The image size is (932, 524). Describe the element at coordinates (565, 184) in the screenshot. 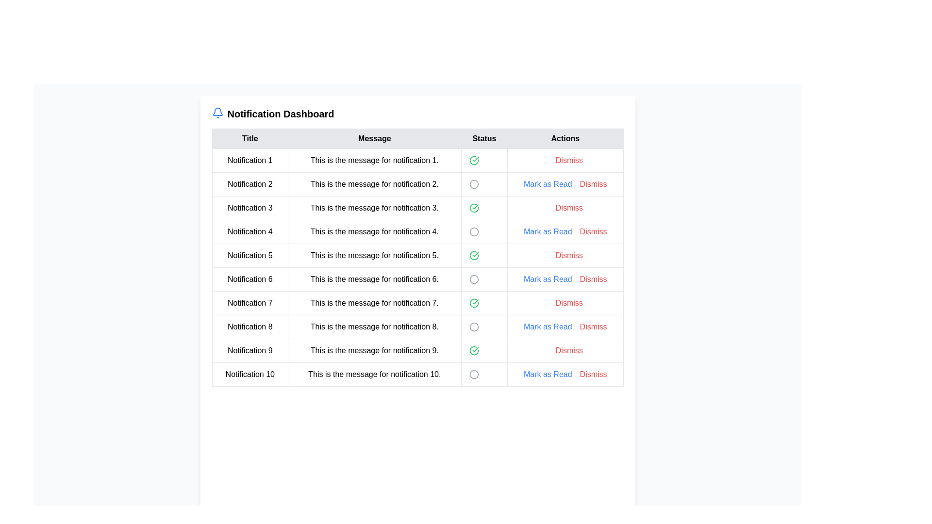

I see `the 'Mark as Read' text button located in the 'Actions' column for the row labeled 'Notification 2' in the notification dashboard table to mark the notification as read` at that location.